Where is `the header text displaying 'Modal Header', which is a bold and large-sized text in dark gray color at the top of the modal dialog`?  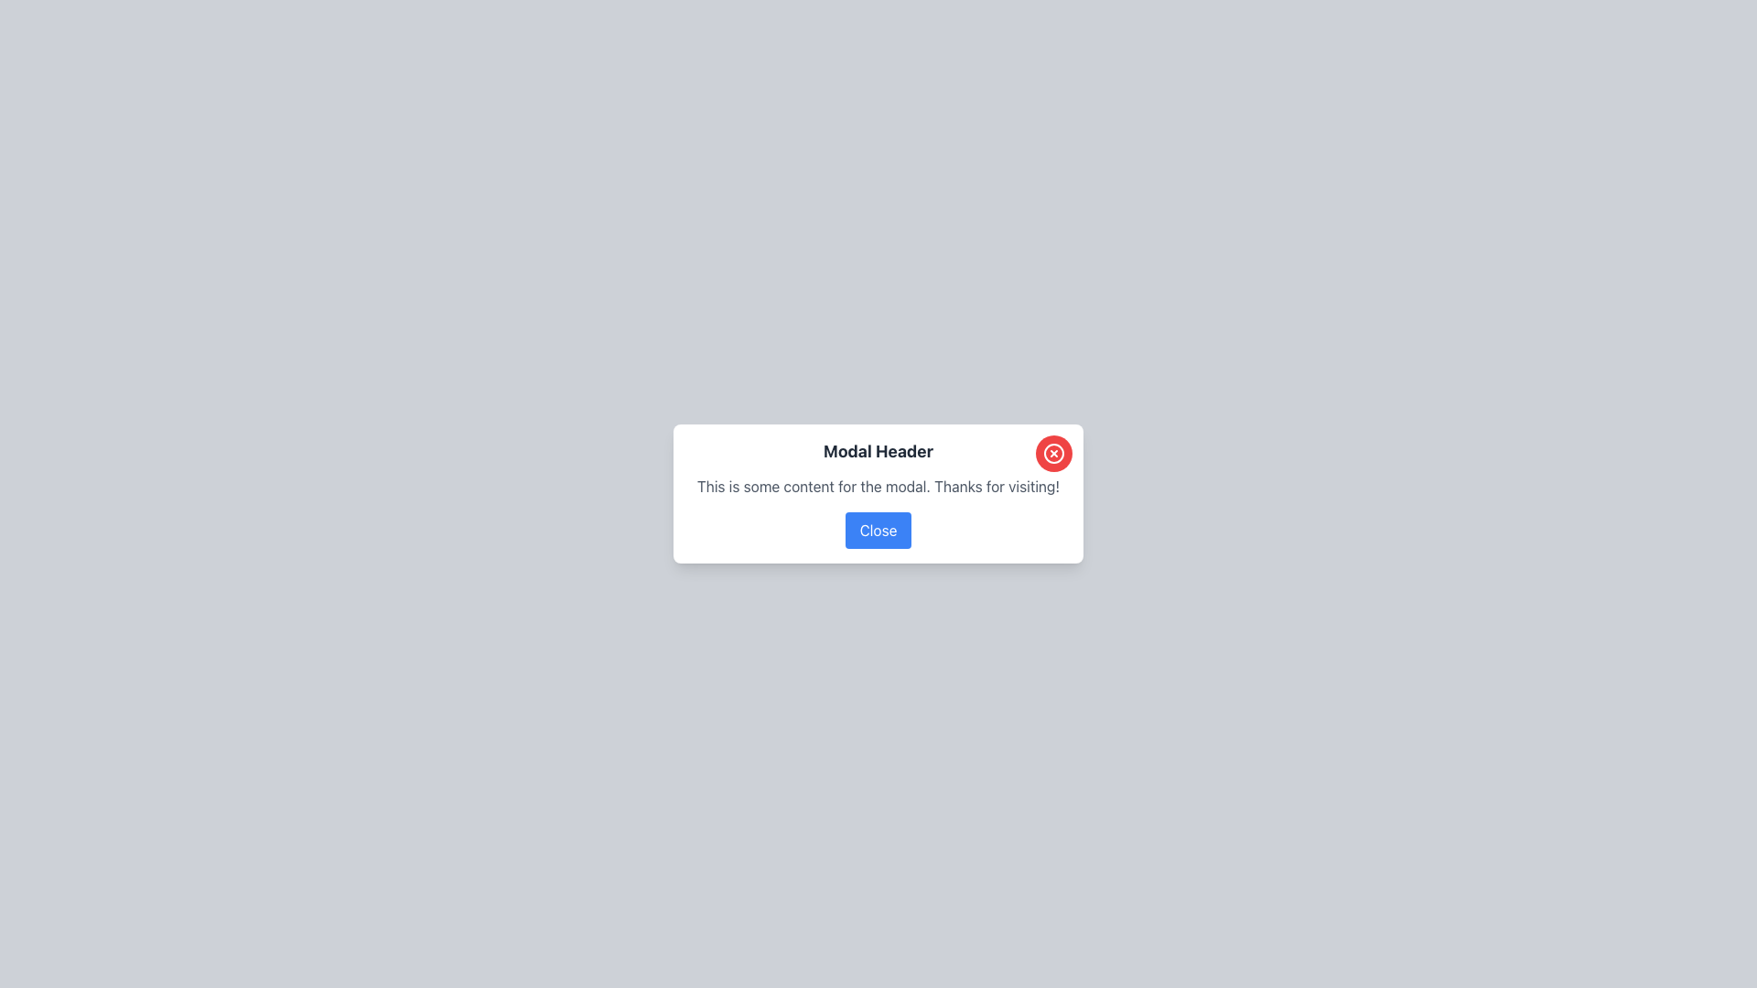
the header text displaying 'Modal Header', which is a bold and large-sized text in dark gray color at the top of the modal dialog is located at coordinates (878, 451).